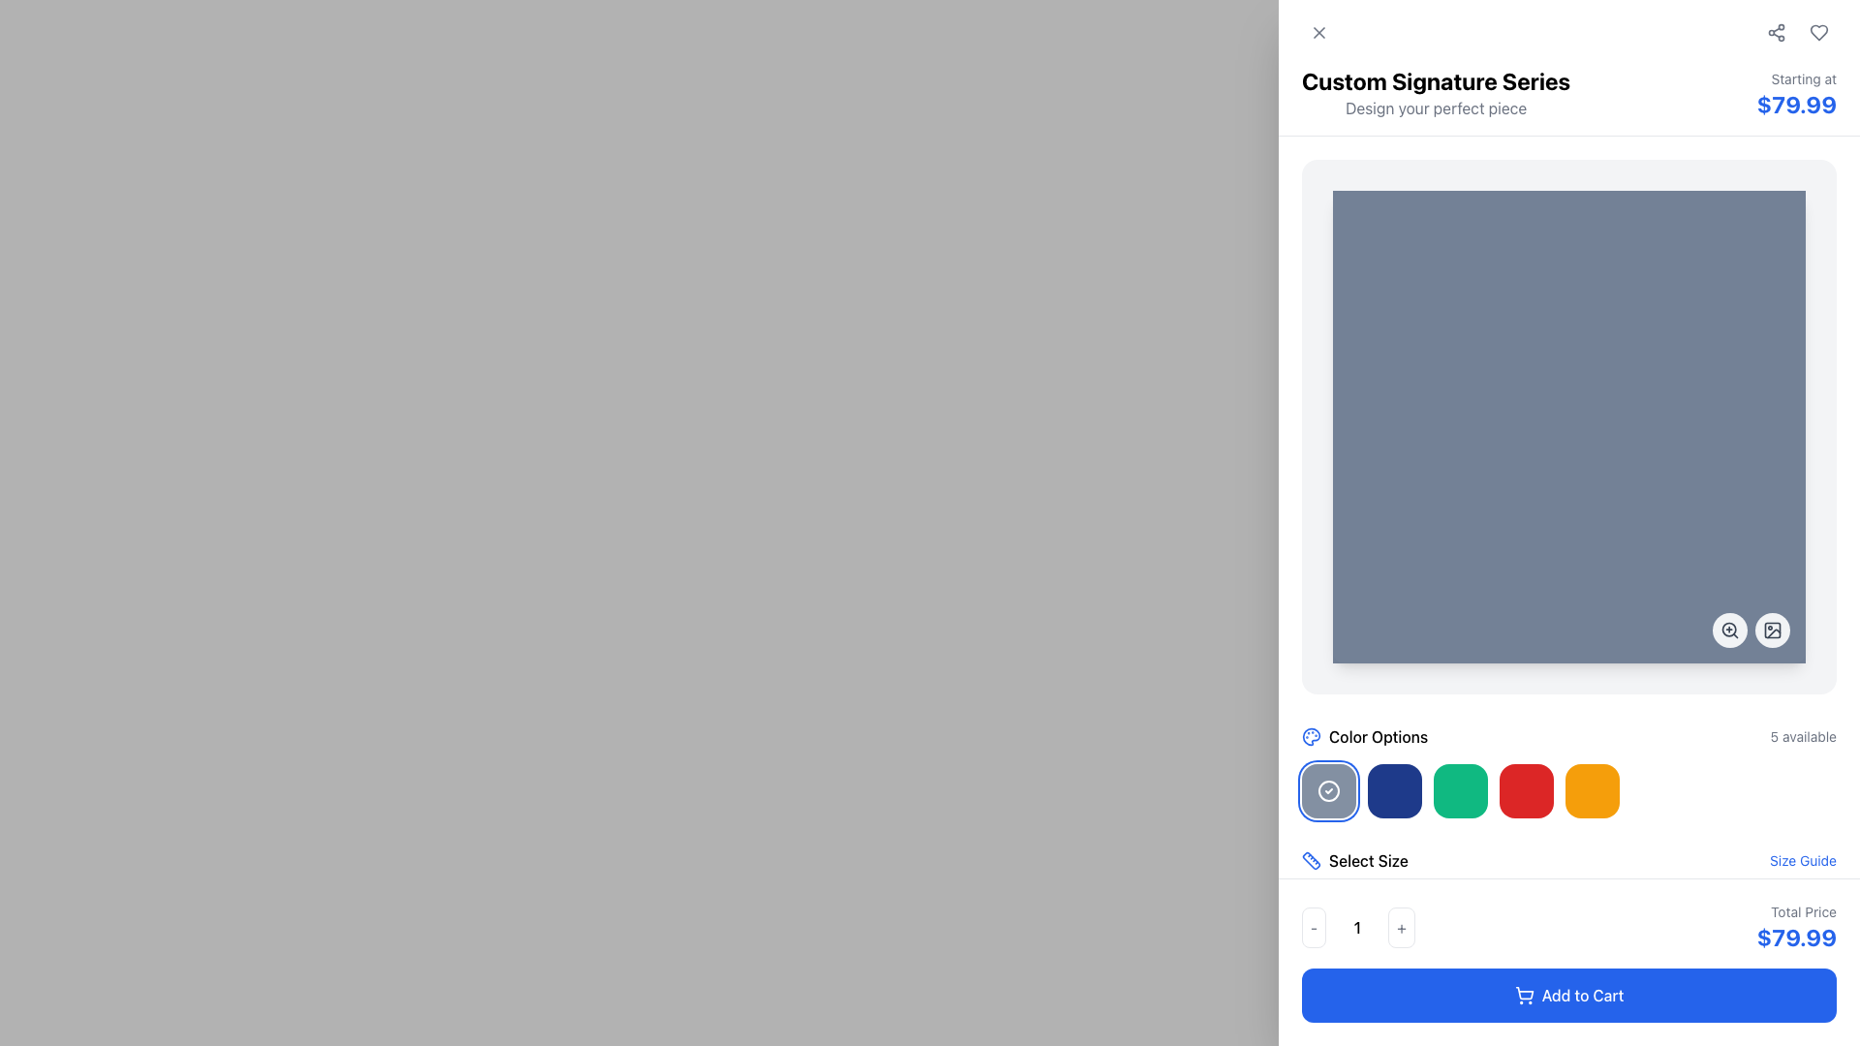 The width and height of the screenshot is (1860, 1046). What do you see at coordinates (1729, 631) in the screenshot?
I see `the circular zoom-in button located at the bottom-right of the product preview section, which features a magnifying glass icon with a black outline and a plus sign inside` at bounding box center [1729, 631].